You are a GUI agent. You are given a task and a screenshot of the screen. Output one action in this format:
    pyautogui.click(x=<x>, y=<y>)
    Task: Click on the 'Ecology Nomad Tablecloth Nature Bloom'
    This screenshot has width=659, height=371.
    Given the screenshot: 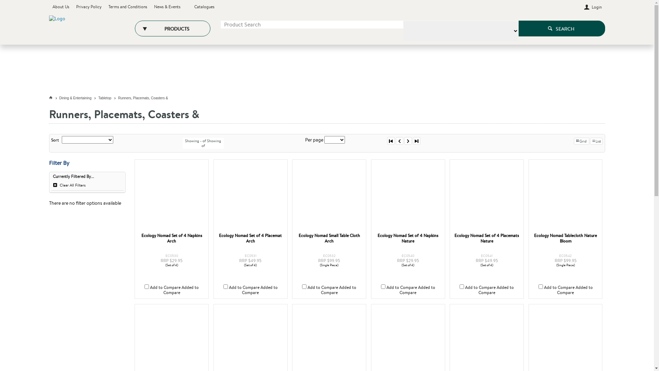 What is the action you would take?
    pyautogui.click(x=565, y=238)
    